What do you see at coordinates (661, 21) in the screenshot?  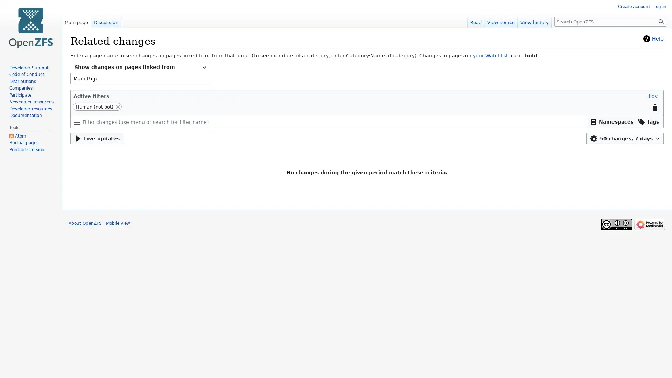 I see `Go` at bounding box center [661, 21].